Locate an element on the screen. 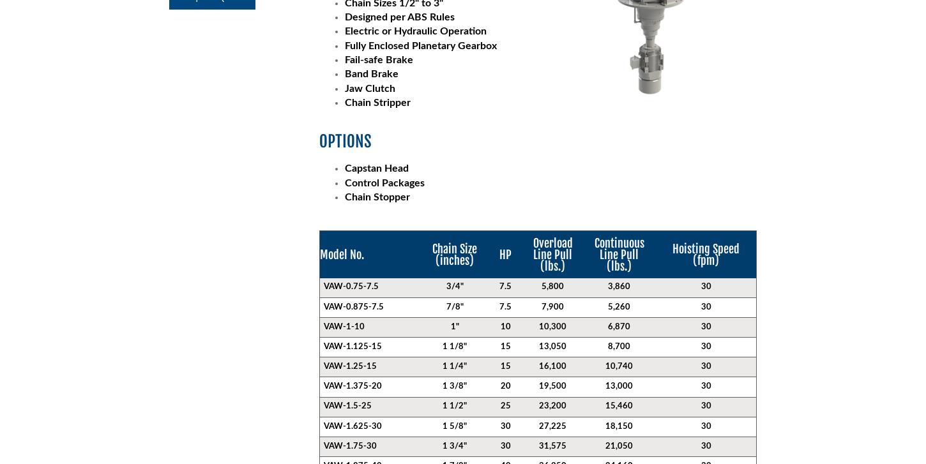 The width and height of the screenshot is (926, 464). 'Continuous' is located at coordinates (593, 242).